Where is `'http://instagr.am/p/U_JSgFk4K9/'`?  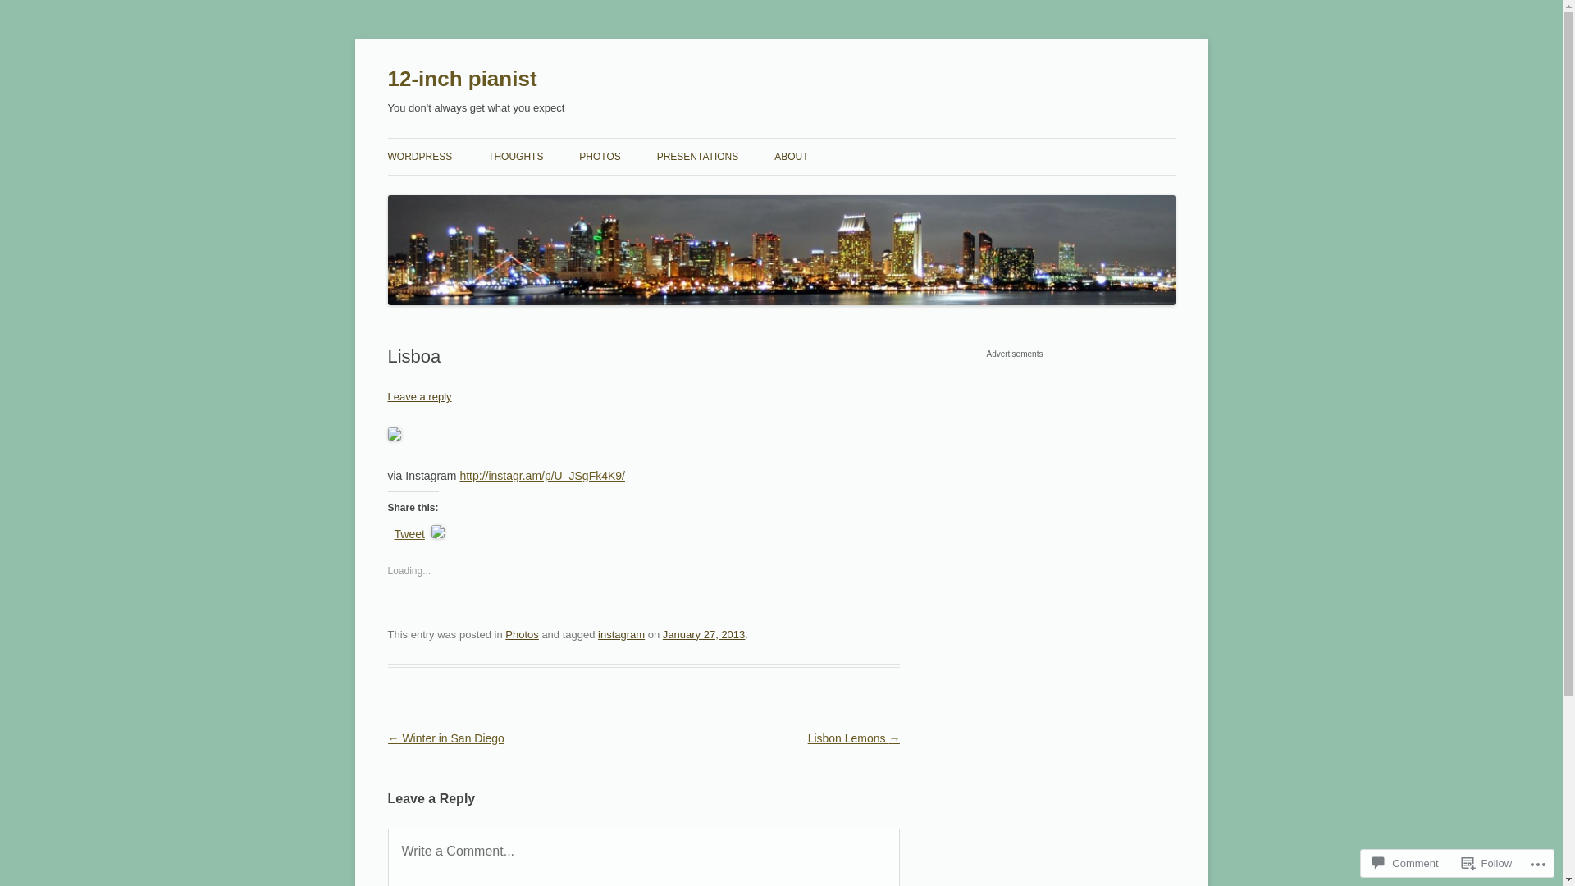 'http://instagr.am/p/U_JSgFk4K9/' is located at coordinates (542, 475).